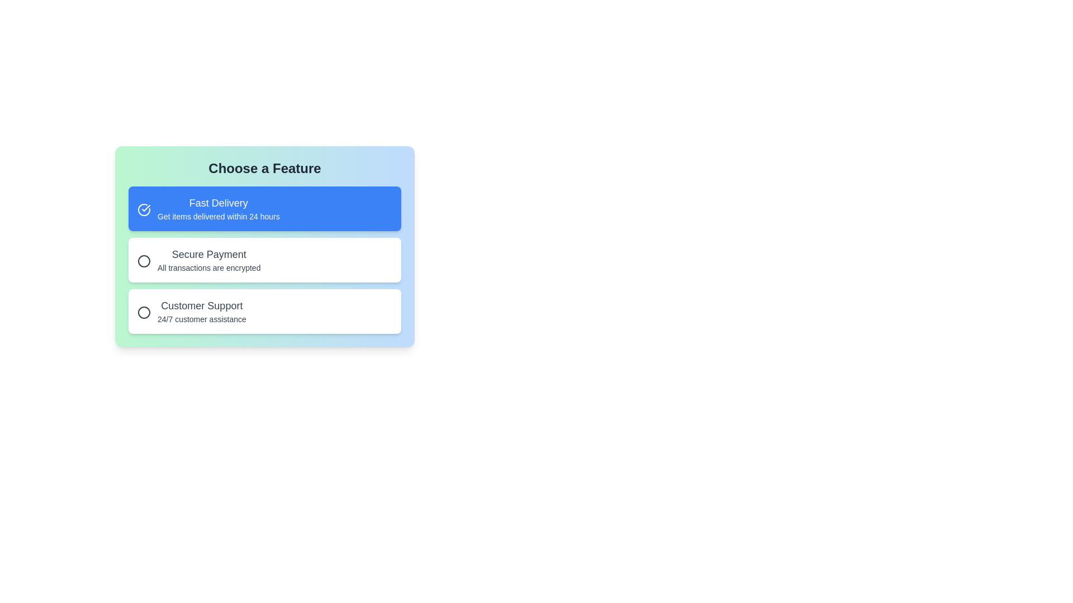 The image size is (1073, 603). I want to click on the state of the SVG Check Mark Icon, which is styled in blue and located within a circular icon to the left of the 'Fast Delivery' text on the selection card, so click(145, 208).